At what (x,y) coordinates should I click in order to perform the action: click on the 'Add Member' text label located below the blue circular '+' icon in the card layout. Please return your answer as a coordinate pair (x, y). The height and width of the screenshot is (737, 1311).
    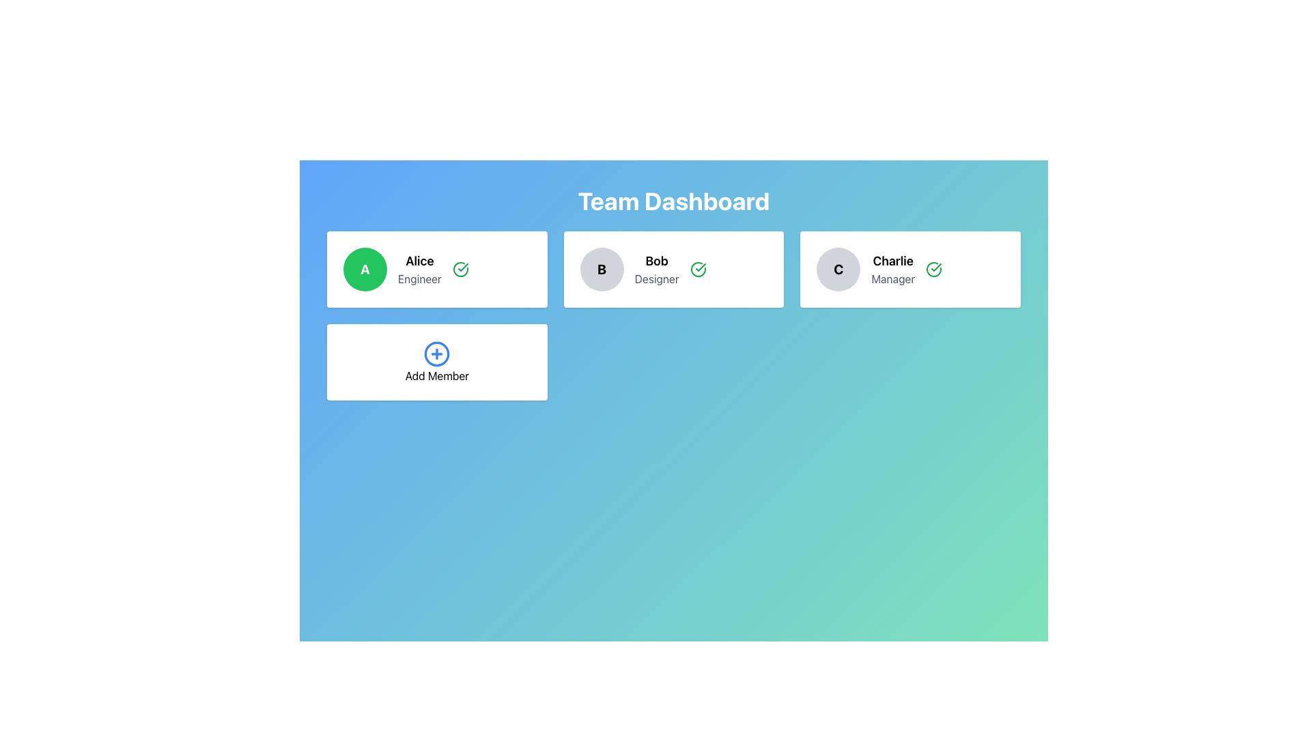
    Looking at the image, I should click on (436, 376).